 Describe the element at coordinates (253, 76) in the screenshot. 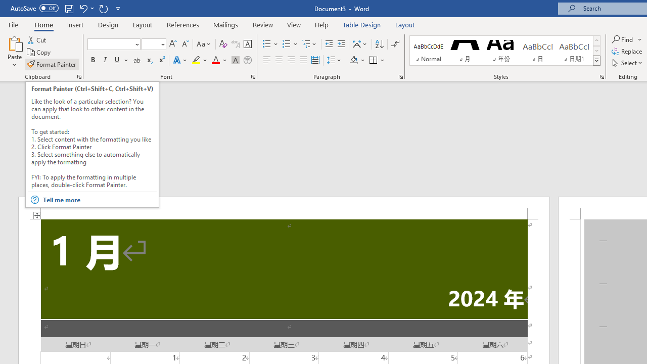

I see `'Font...'` at that location.